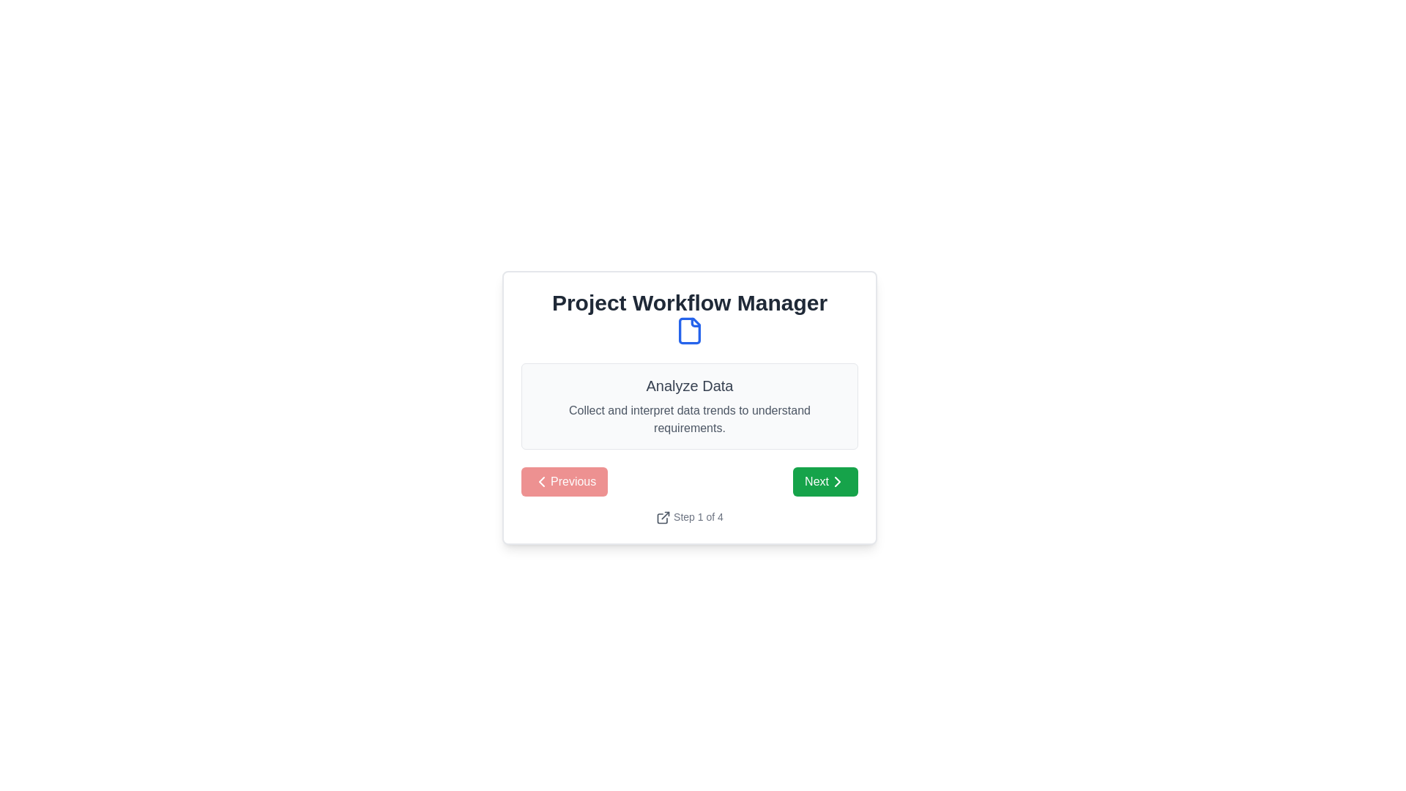 The width and height of the screenshot is (1406, 791). Describe the element at coordinates (688, 330) in the screenshot. I see `the file-like icon with a document shape featuring a fold in the top-right corner, located within the header area near the text 'Project Workflow Manager.'` at that location.